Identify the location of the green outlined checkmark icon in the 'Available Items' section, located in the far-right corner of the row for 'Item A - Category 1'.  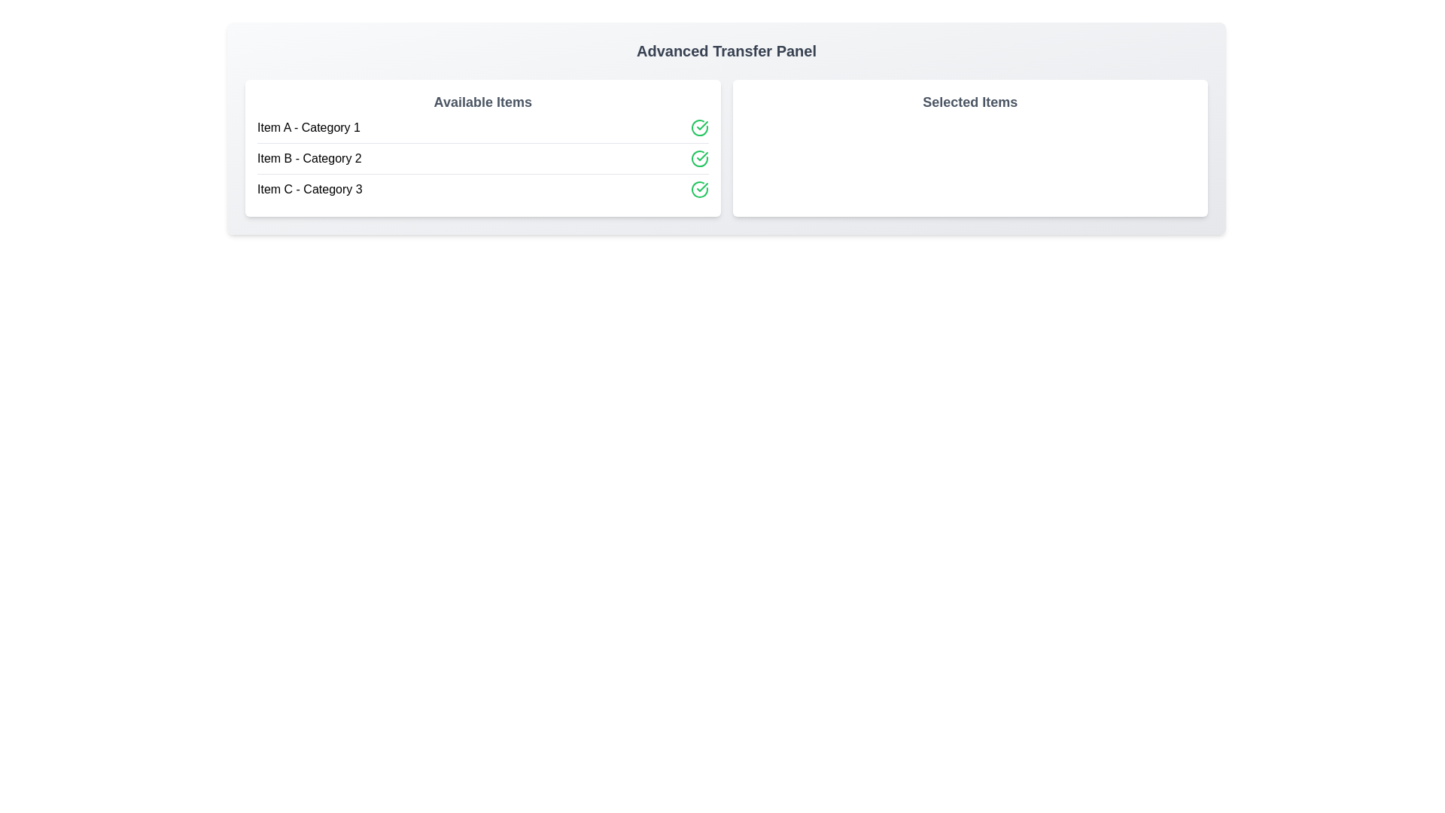
(698, 126).